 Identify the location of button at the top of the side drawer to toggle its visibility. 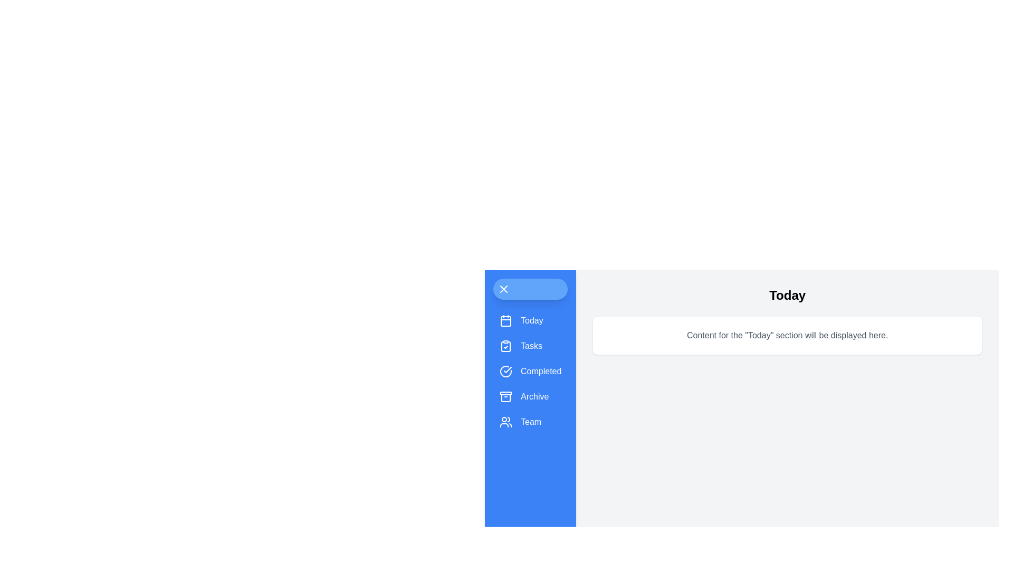
(530, 289).